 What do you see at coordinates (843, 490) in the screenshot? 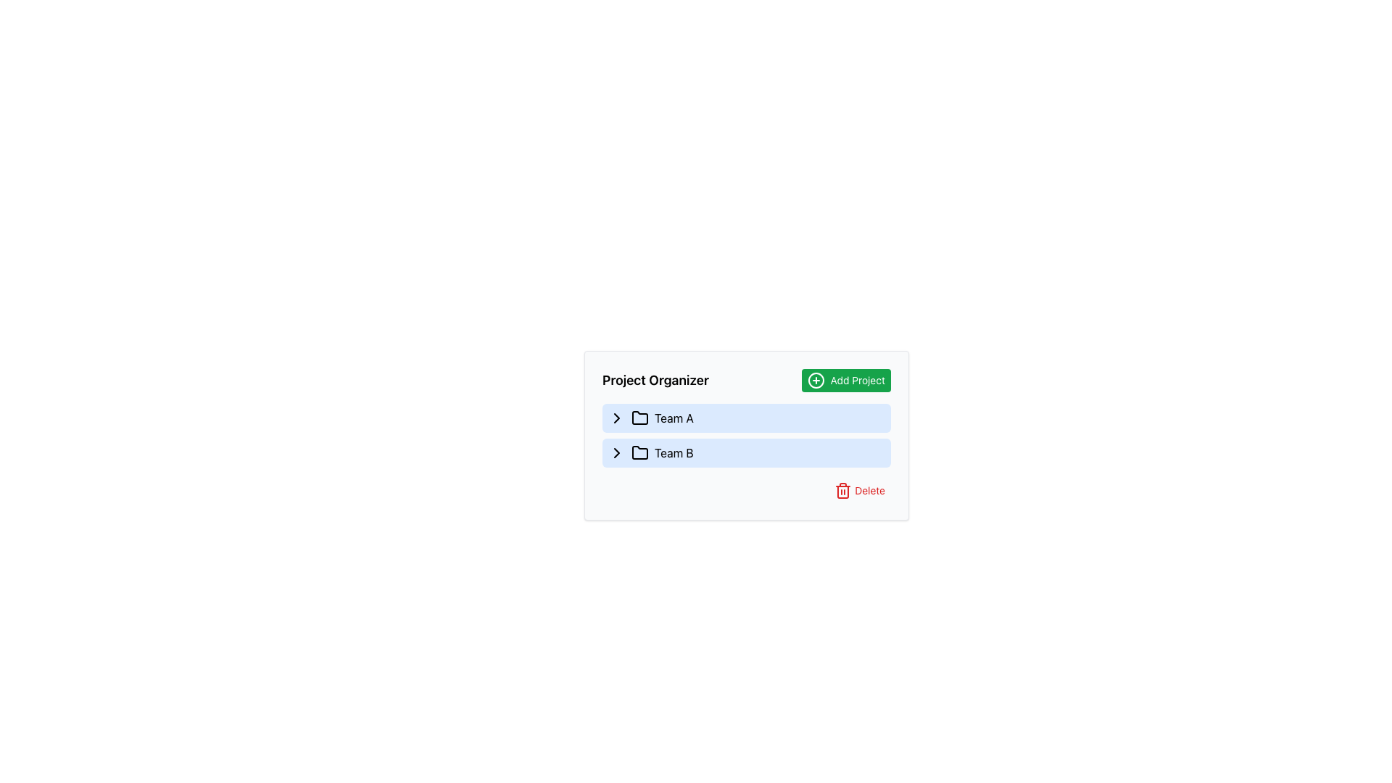
I see `the trash bin icon, which is bright red and located adjacent to the 'Delete' text in the bottom-right portion of the application interface` at bounding box center [843, 490].